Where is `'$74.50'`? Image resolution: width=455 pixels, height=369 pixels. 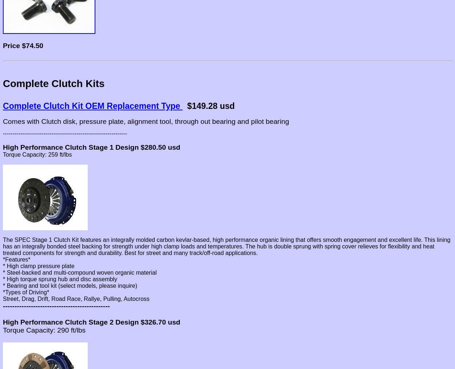
'$74.50' is located at coordinates (22, 46).